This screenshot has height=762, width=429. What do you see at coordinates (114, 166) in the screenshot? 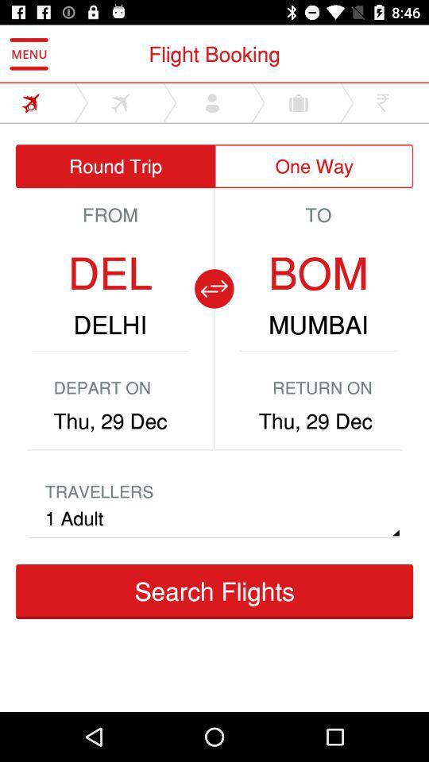
I see `item to the left of one way item` at bounding box center [114, 166].